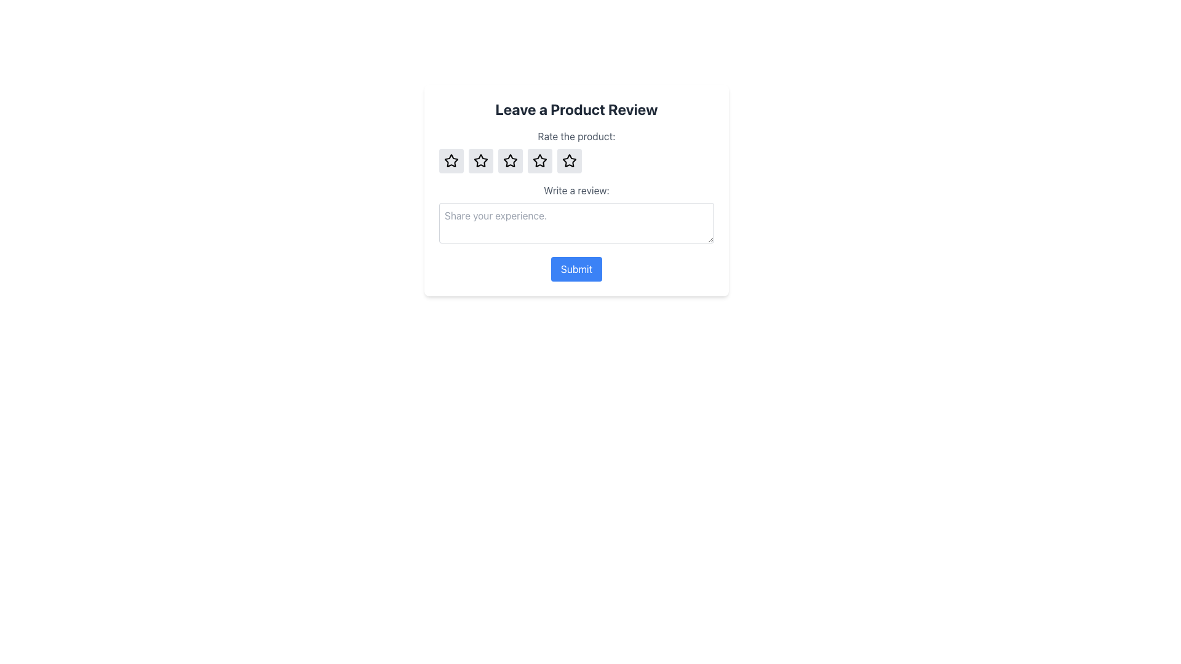 The image size is (1181, 664). What do you see at coordinates (511, 160) in the screenshot?
I see `the second star icon in the rating scale below the heading 'Rate the product'` at bounding box center [511, 160].